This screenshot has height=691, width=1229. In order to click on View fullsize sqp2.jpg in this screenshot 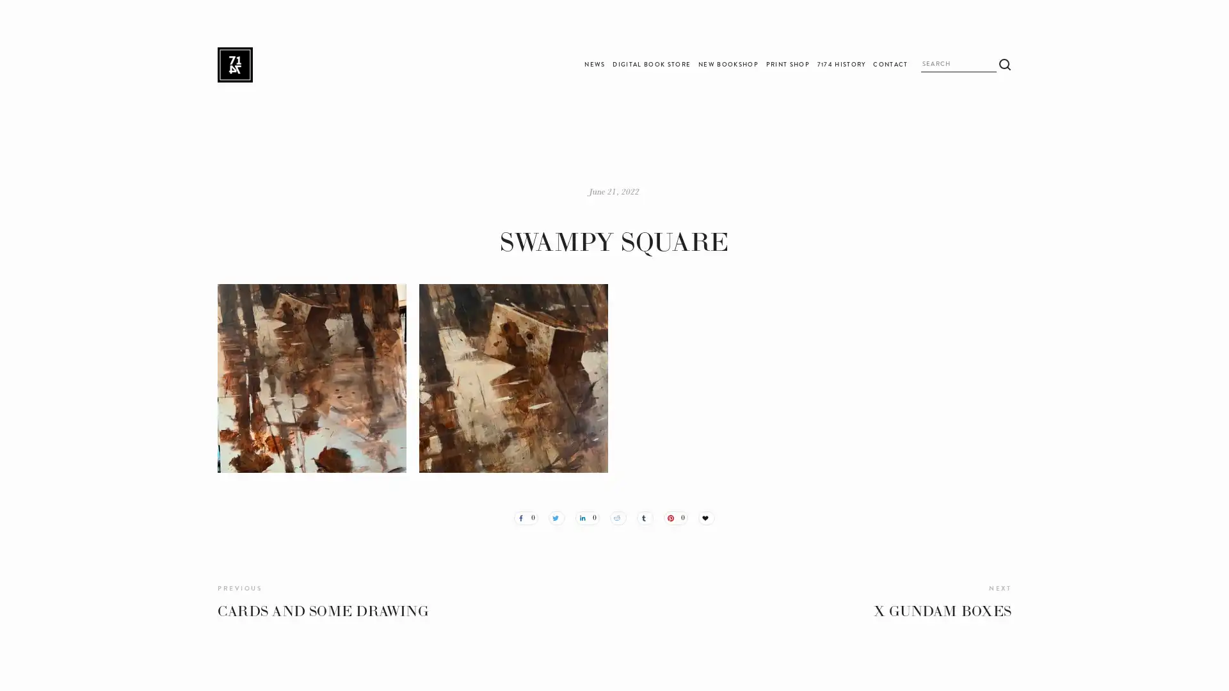, I will do `click(312, 377)`.